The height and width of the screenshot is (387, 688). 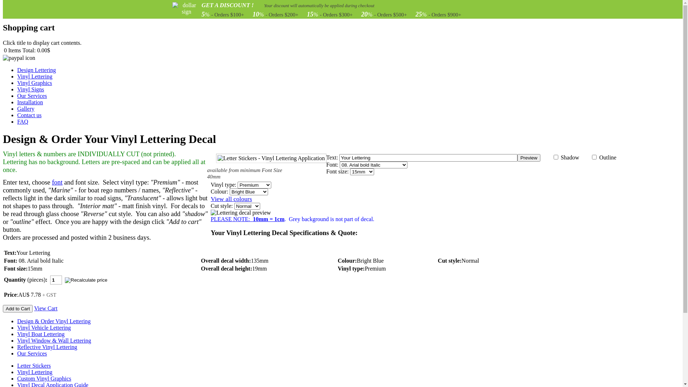 I want to click on 'Our Services', so click(x=17, y=95).